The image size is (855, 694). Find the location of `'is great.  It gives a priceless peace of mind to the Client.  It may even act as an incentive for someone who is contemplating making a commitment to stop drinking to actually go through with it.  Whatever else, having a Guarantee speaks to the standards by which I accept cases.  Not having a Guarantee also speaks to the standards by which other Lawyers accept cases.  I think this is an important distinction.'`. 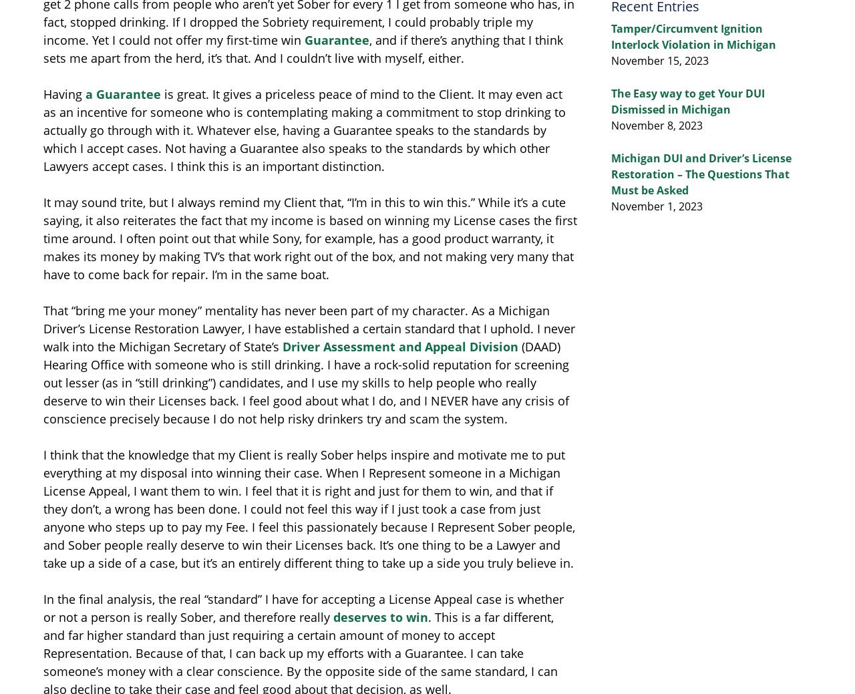

'is great.  It gives a priceless peace of mind to the Client.  It may even act as an incentive for someone who is contemplating making a commitment to stop drinking to actually go through with it.  Whatever else, having a Guarantee speaks to the standards by which I accept cases.  Not having a Guarantee also speaks to the standards by which other Lawyers accept cases.  I think this is an important distinction.' is located at coordinates (43, 130).